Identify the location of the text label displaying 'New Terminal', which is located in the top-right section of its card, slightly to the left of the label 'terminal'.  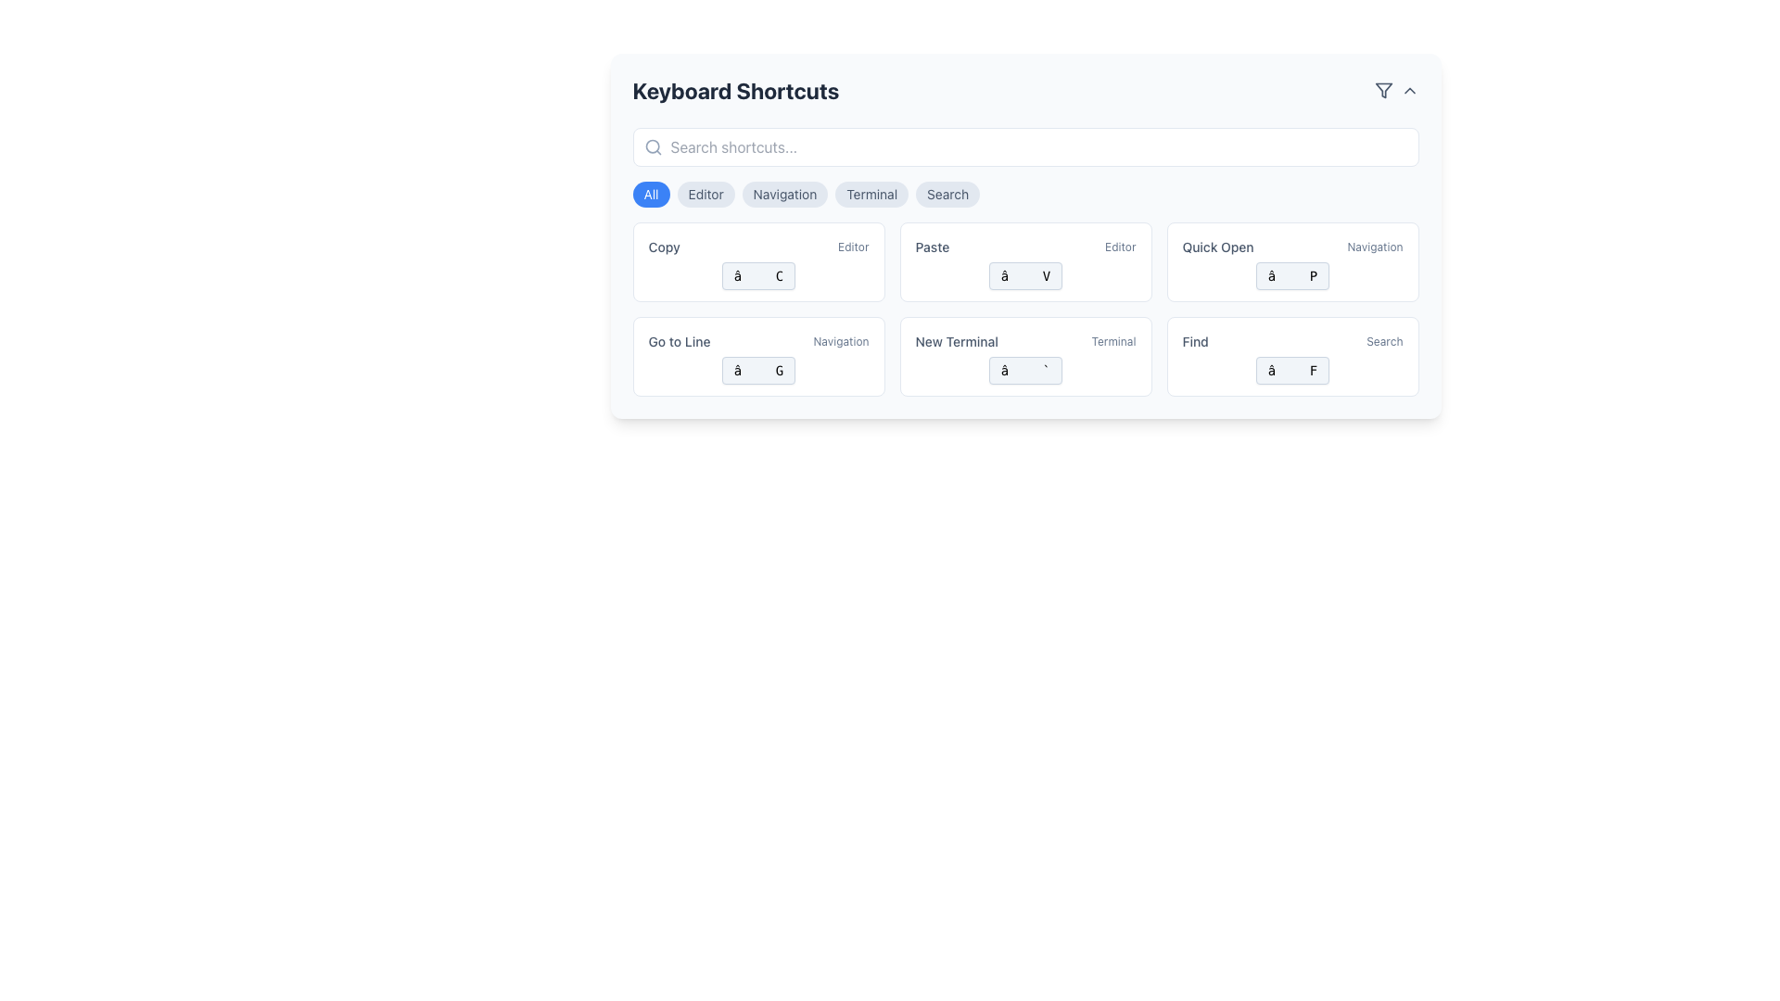
(957, 342).